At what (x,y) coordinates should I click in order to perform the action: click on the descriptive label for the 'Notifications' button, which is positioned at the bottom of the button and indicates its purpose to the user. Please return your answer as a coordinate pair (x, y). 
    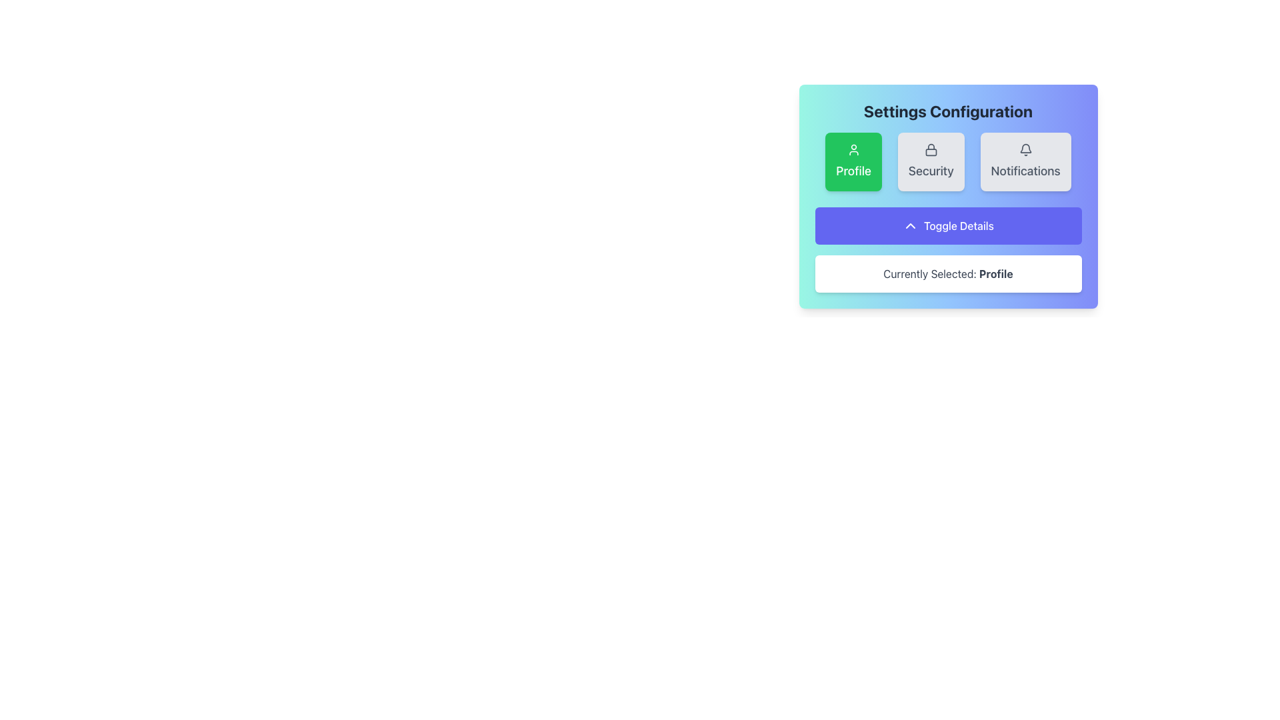
    Looking at the image, I should click on (1025, 171).